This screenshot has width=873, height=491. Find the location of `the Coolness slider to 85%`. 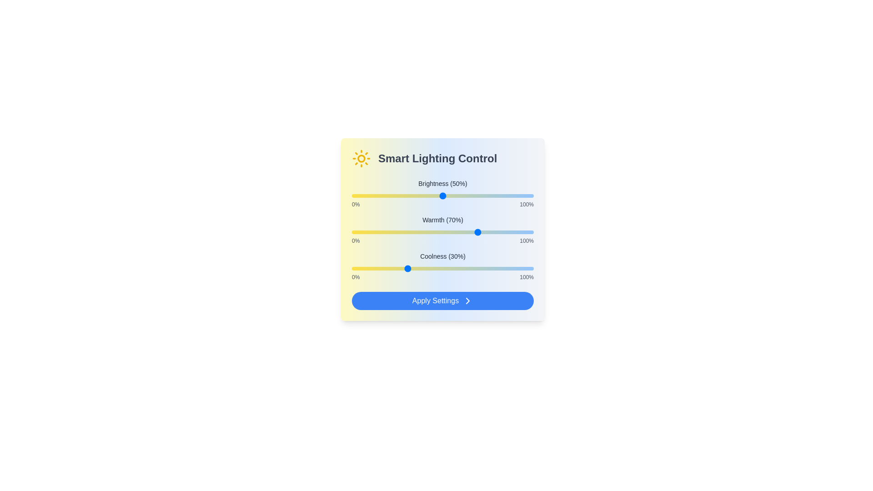

the Coolness slider to 85% is located at coordinates (506, 268).